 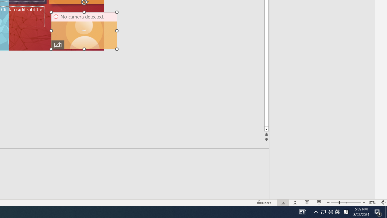 I want to click on 'Zoom', so click(x=346, y=203).